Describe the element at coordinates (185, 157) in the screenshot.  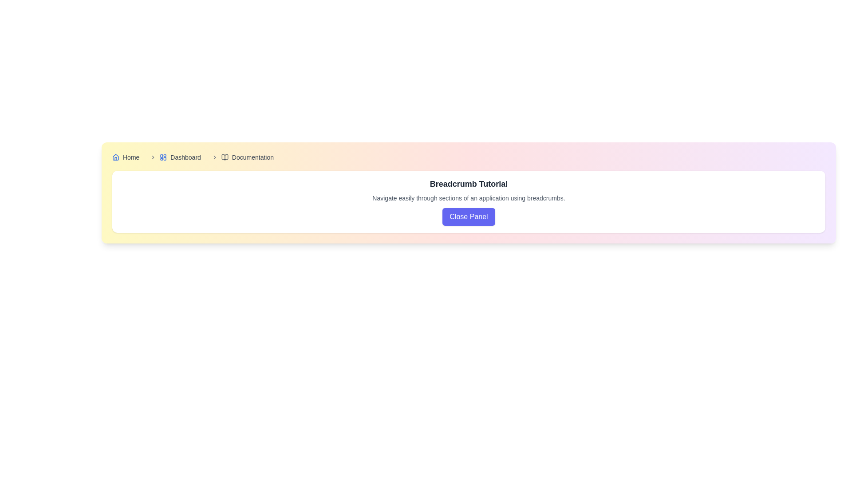
I see `the static text label within the breadcrumb navigation, which helps users understand their current location in the application` at that location.